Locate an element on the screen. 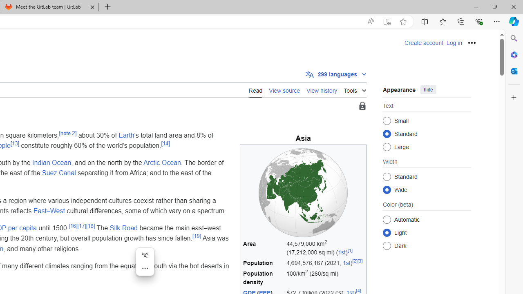  '[13]' is located at coordinates (15, 143).